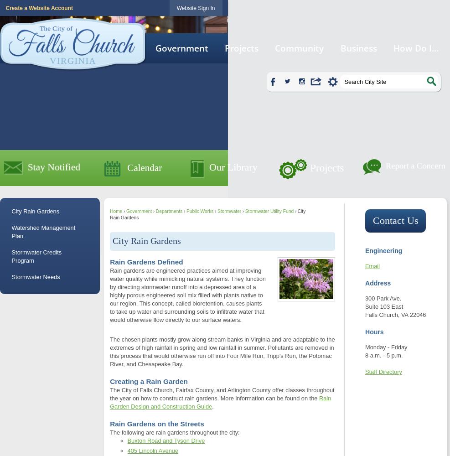  Describe the element at coordinates (36, 256) in the screenshot. I see `'Stormwater Credits Program'` at that location.